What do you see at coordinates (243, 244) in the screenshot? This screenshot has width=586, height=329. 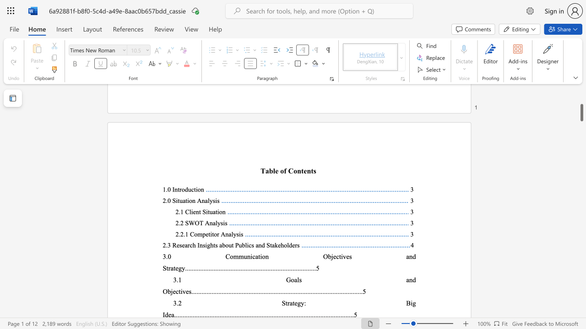 I see `the 2th character "b" in the text` at bounding box center [243, 244].